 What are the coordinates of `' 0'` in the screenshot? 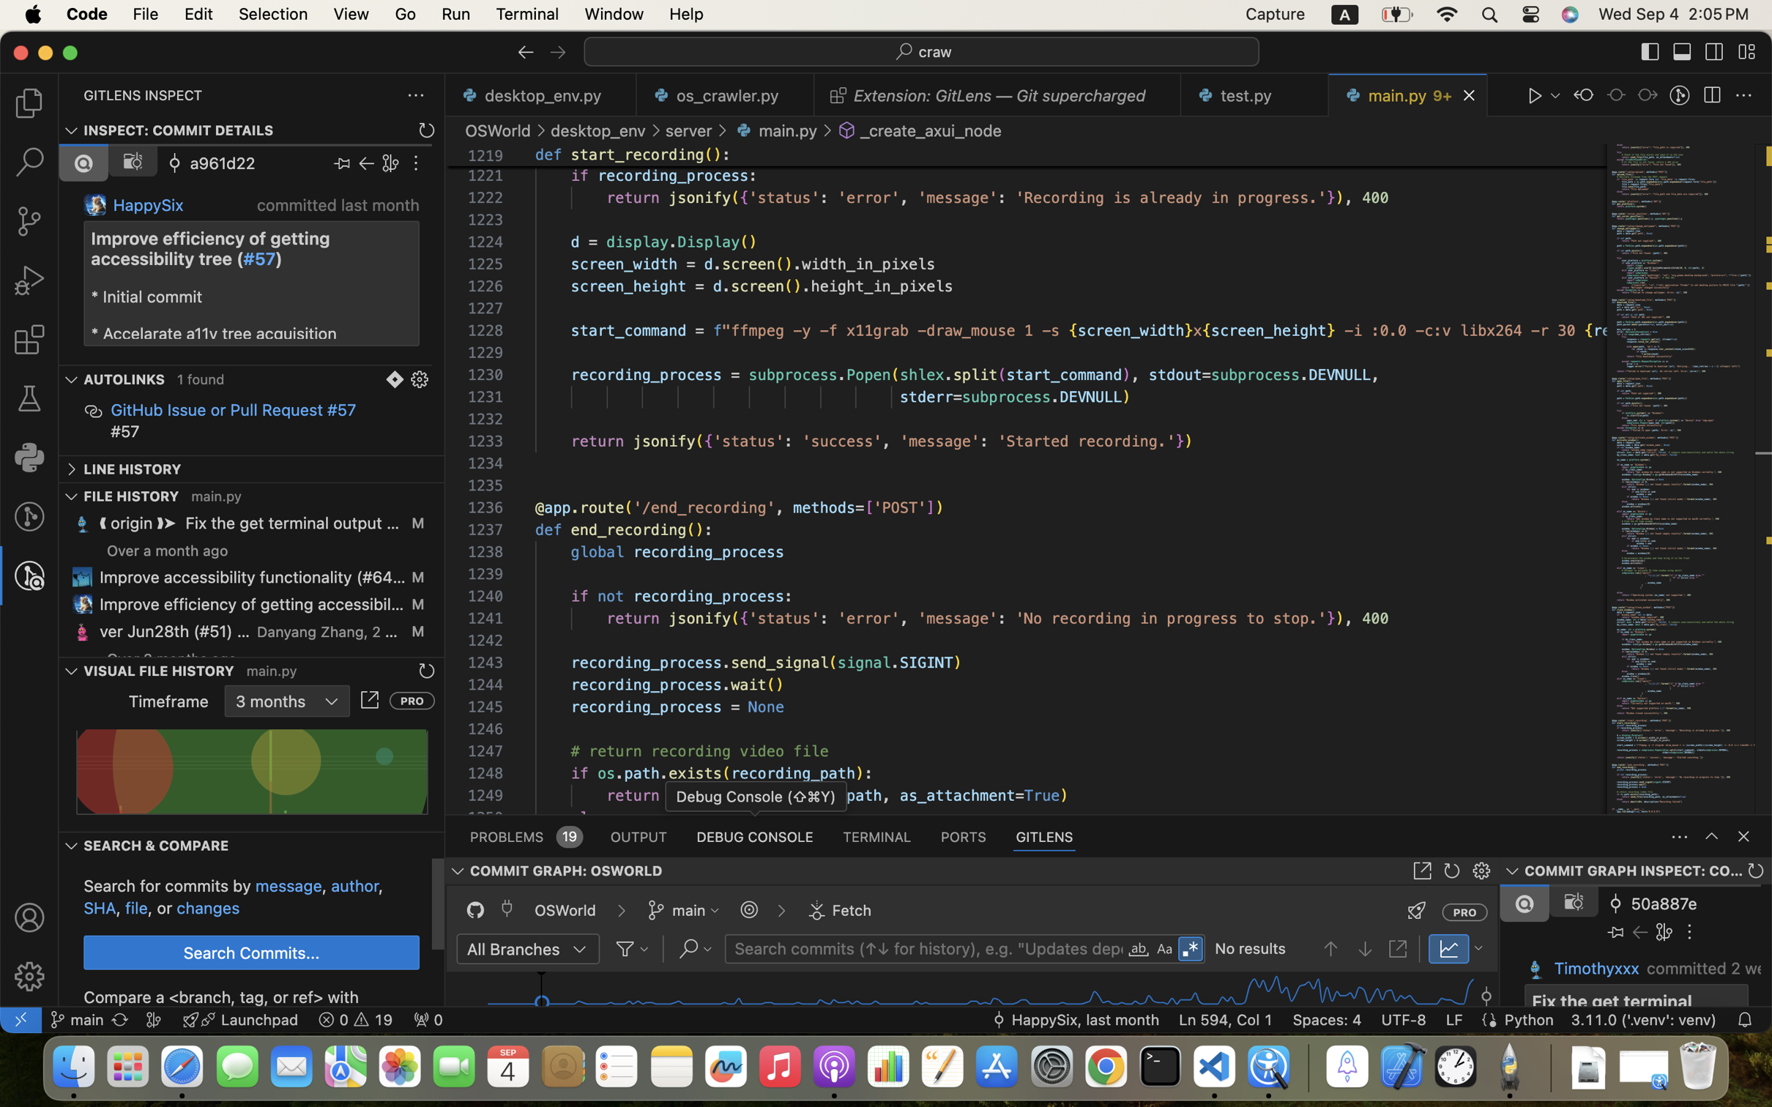 It's located at (428, 1018).